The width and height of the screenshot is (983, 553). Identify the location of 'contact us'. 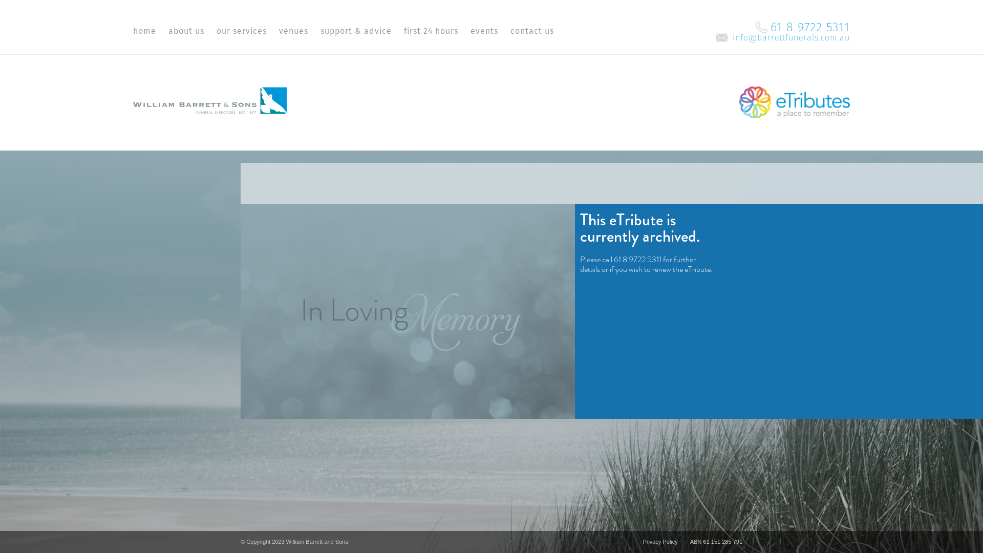
(504, 27).